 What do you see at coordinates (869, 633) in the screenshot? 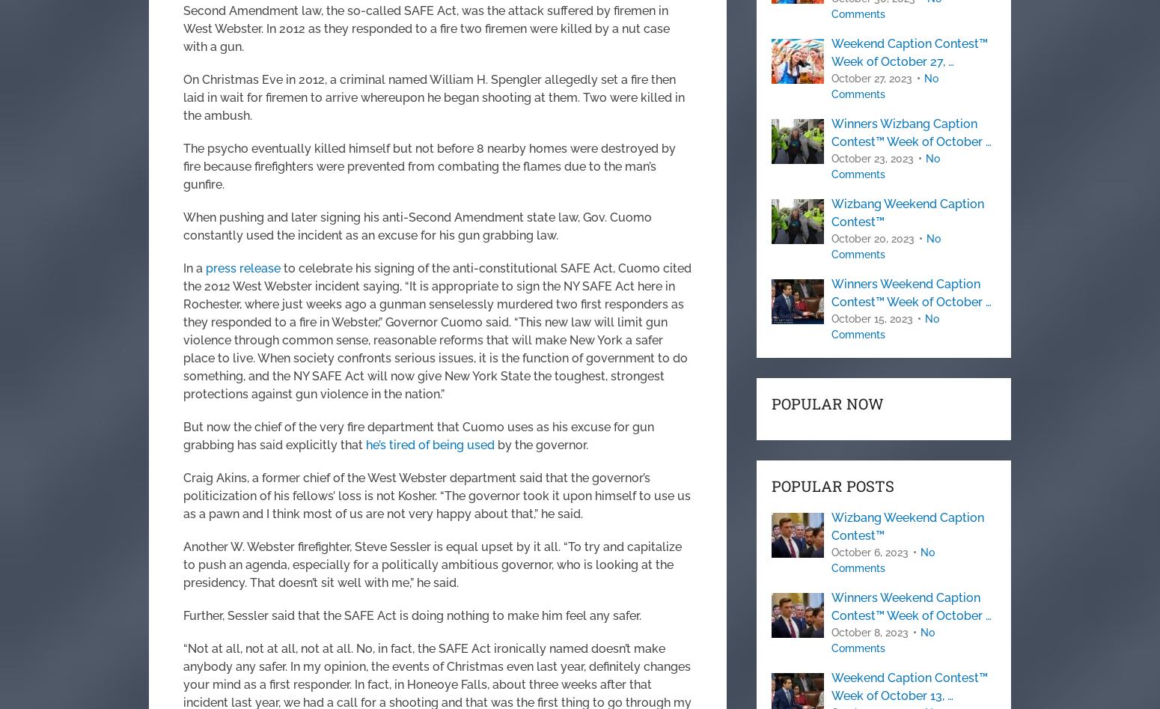
I see `'October 8, 2023'` at bounding box center [869, 633].